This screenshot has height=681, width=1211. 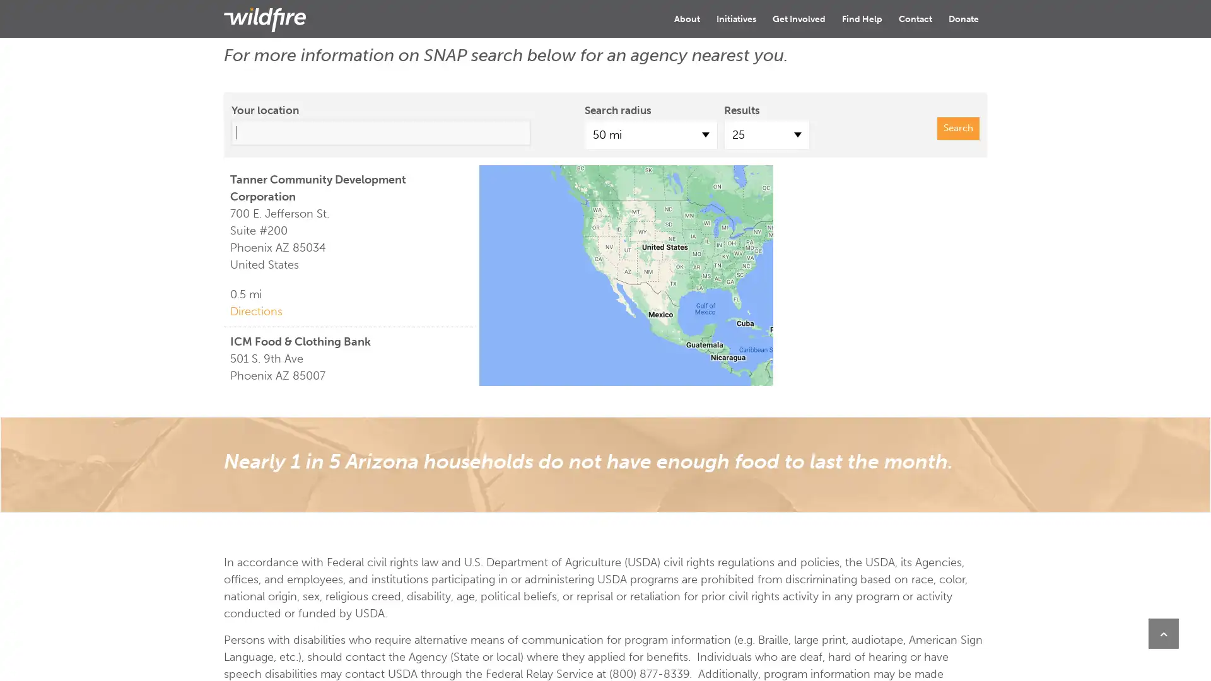 What do you see at coordinates (723, 269) in the screenshot?
I see `ICM Food & Clothing Bank` at bounding box center [723, 269].